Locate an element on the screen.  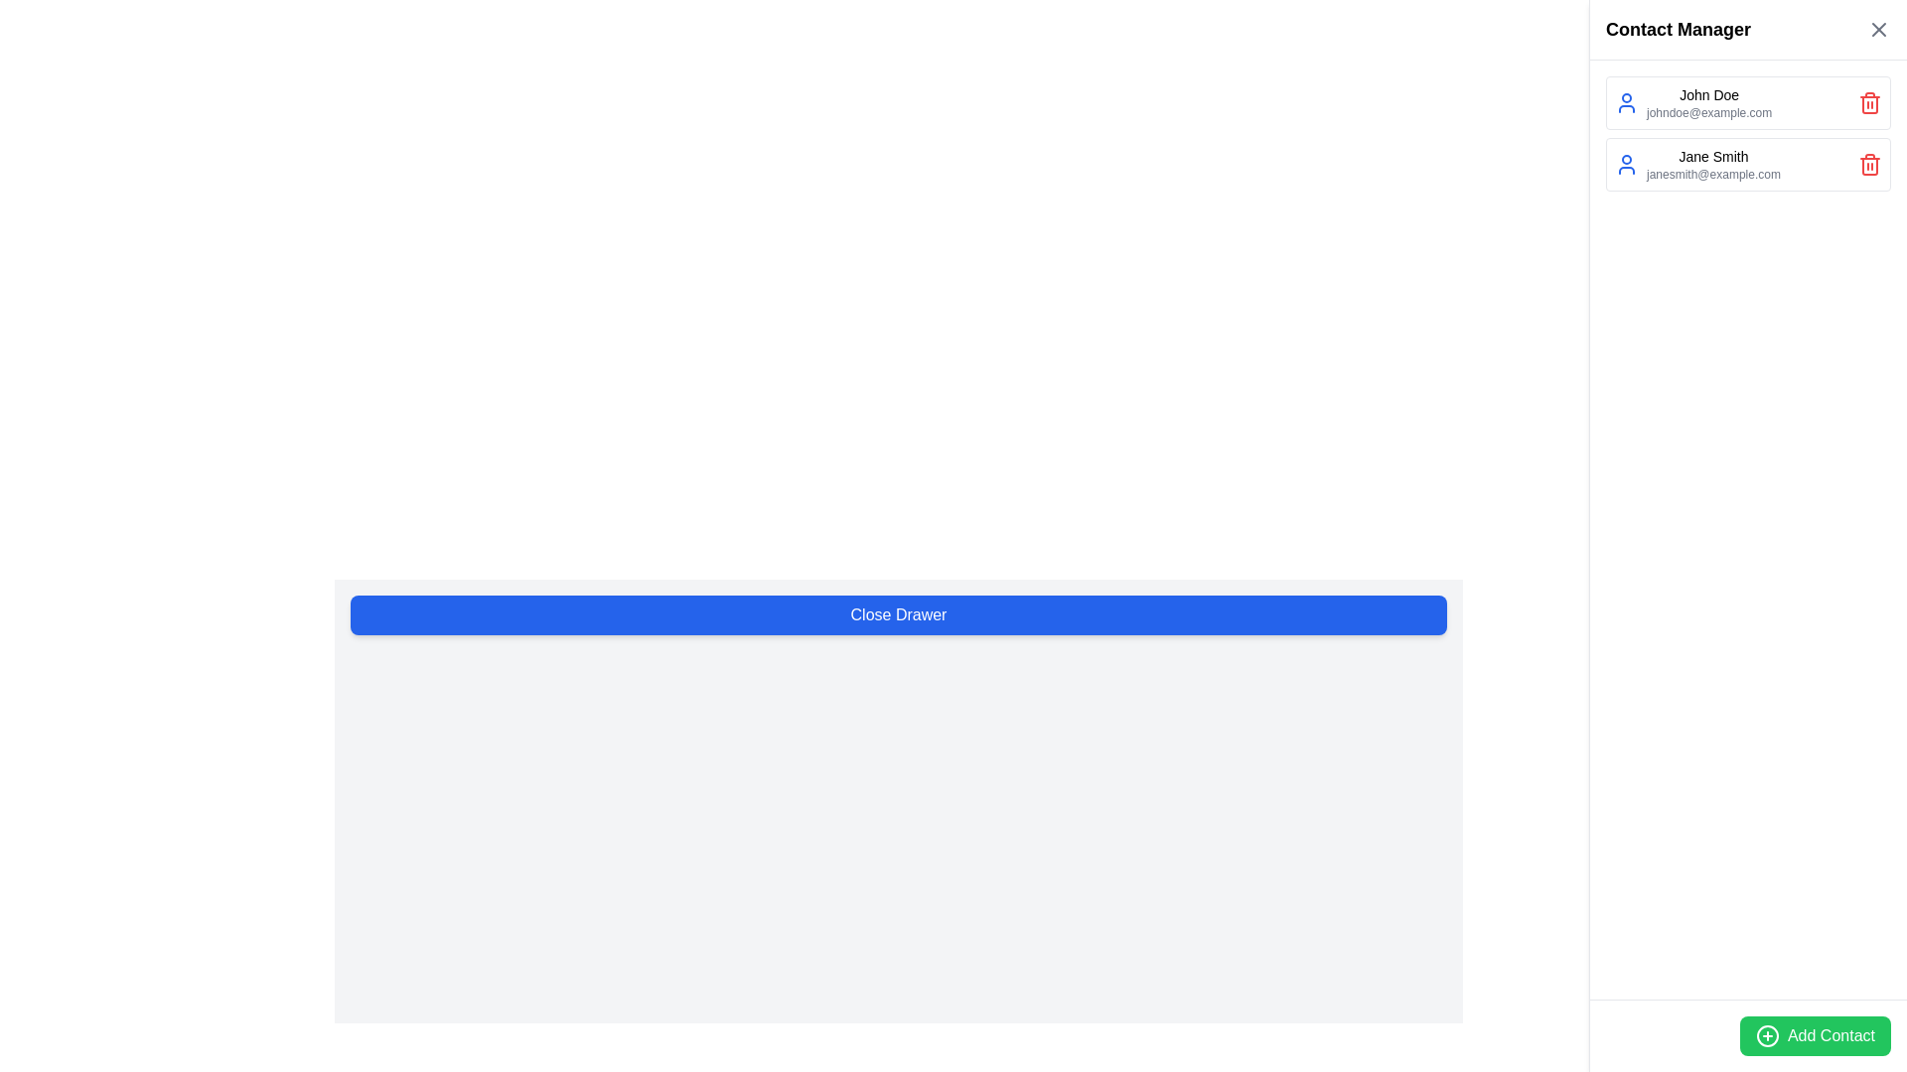
the 'Add Contact' icon, which features a plus symbol and is located to the left of the 'Add Contact' button in the bottom-right corner of the application interface is located at coordinates (1768, 1035).